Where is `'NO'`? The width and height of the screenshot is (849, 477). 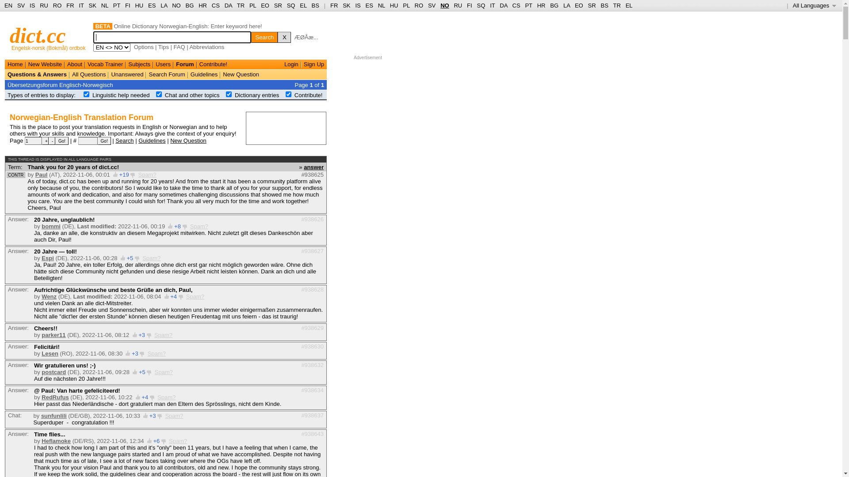
'NO' is located at coordinates (445, 5).